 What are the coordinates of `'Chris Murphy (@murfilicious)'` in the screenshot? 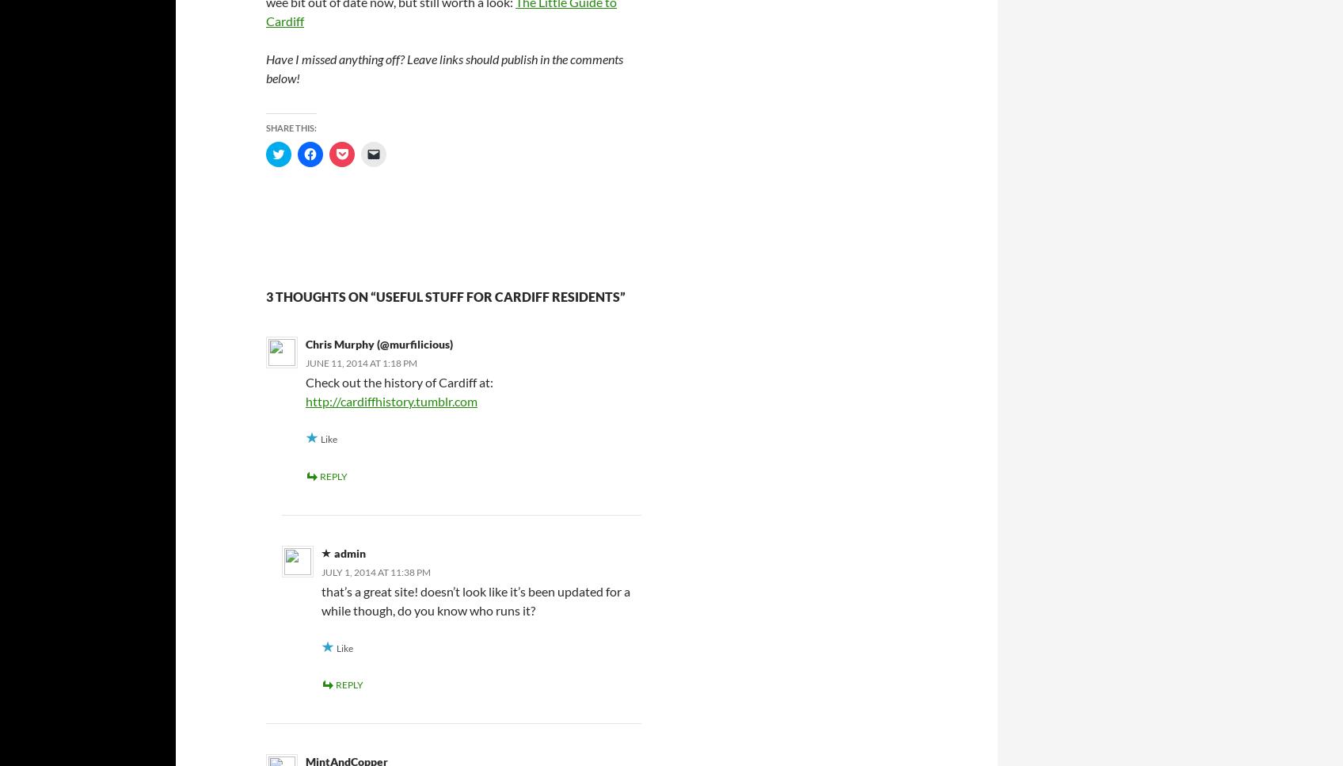 It's located at (305, 343).